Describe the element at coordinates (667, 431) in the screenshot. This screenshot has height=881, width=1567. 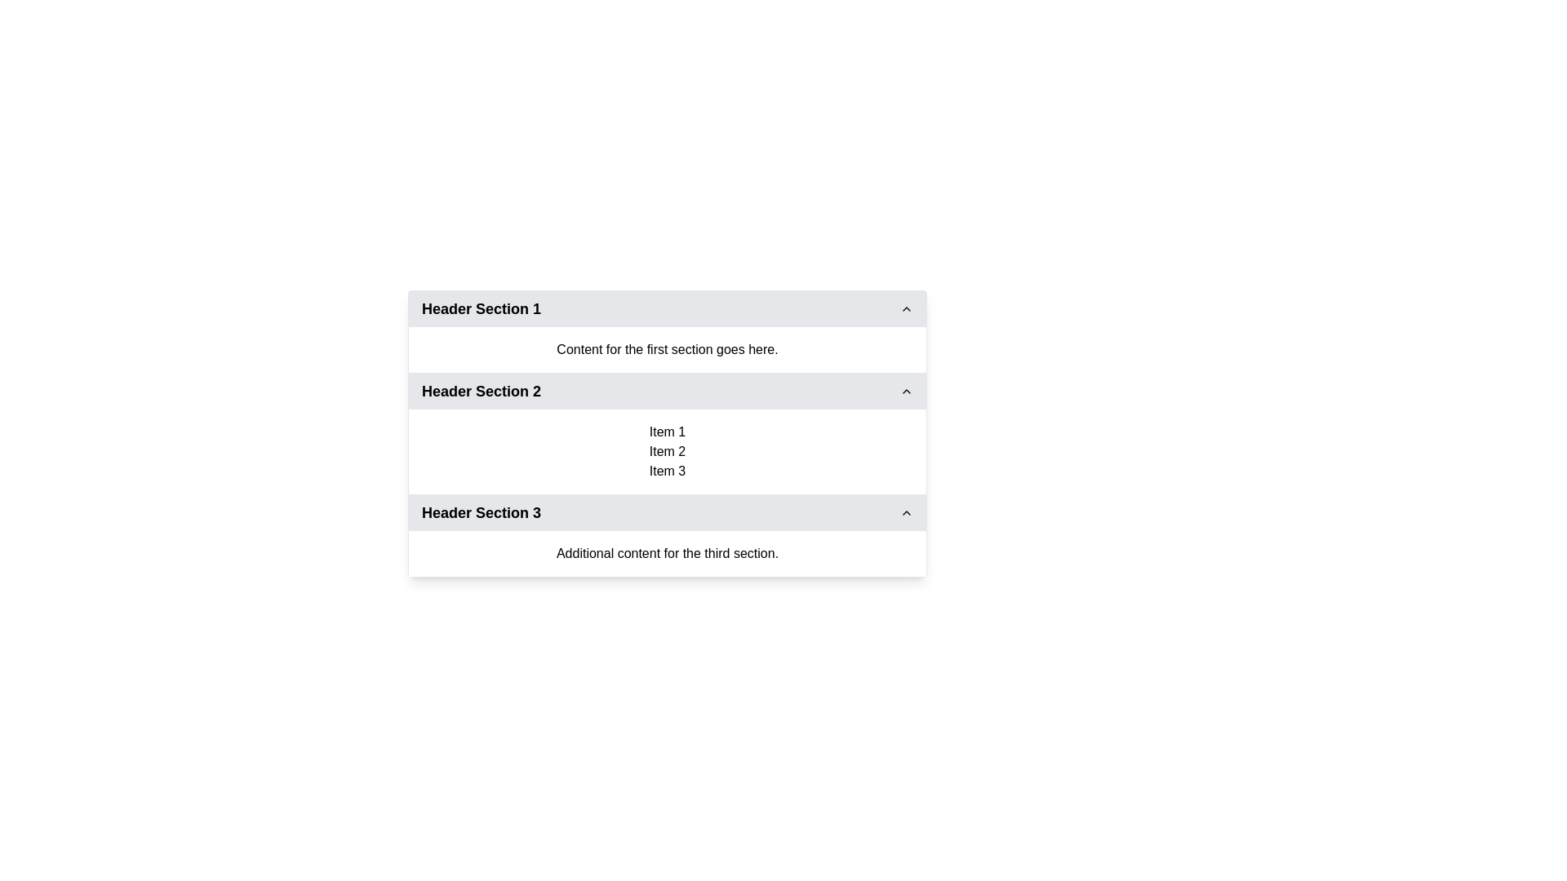
I see `the non-interactive text label 'Item 1' located in 'Header Section 2', which is the first entry in a vertical list` at that location.